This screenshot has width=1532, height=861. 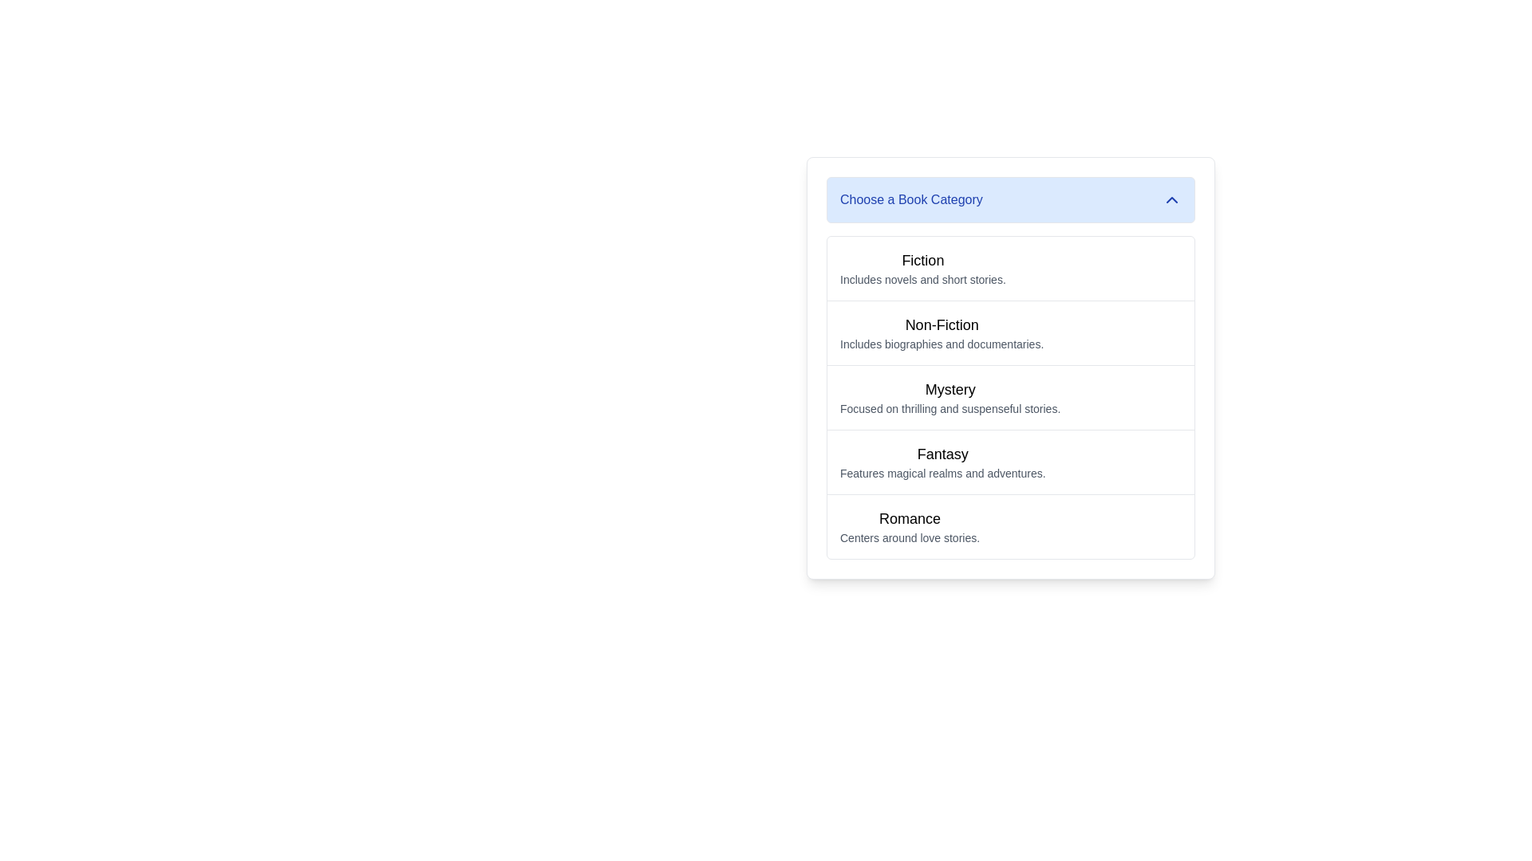 What do you see at coordinates (950, 396) in the screenshot?
I see `the label component titled 'Mystery'` at bounding box center [950, 396].